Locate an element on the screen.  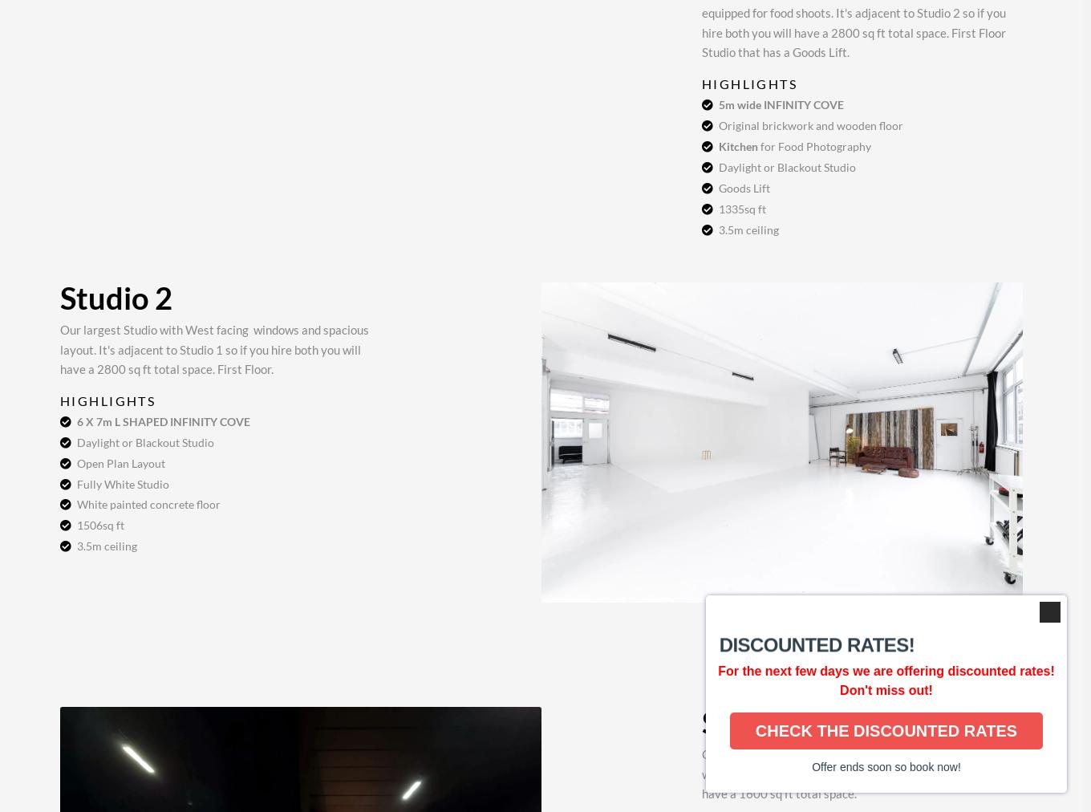
'White painted concrete floor' is located at coordinates (148, 503).